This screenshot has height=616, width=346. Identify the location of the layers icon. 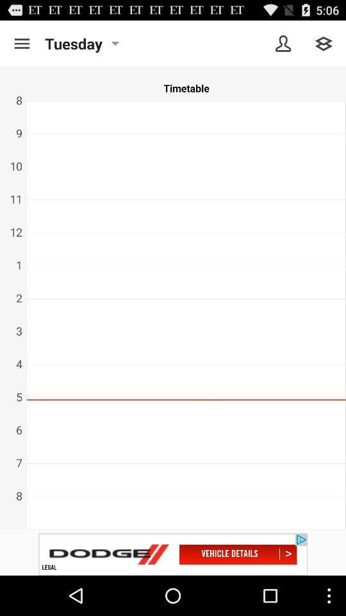
(323, 47).